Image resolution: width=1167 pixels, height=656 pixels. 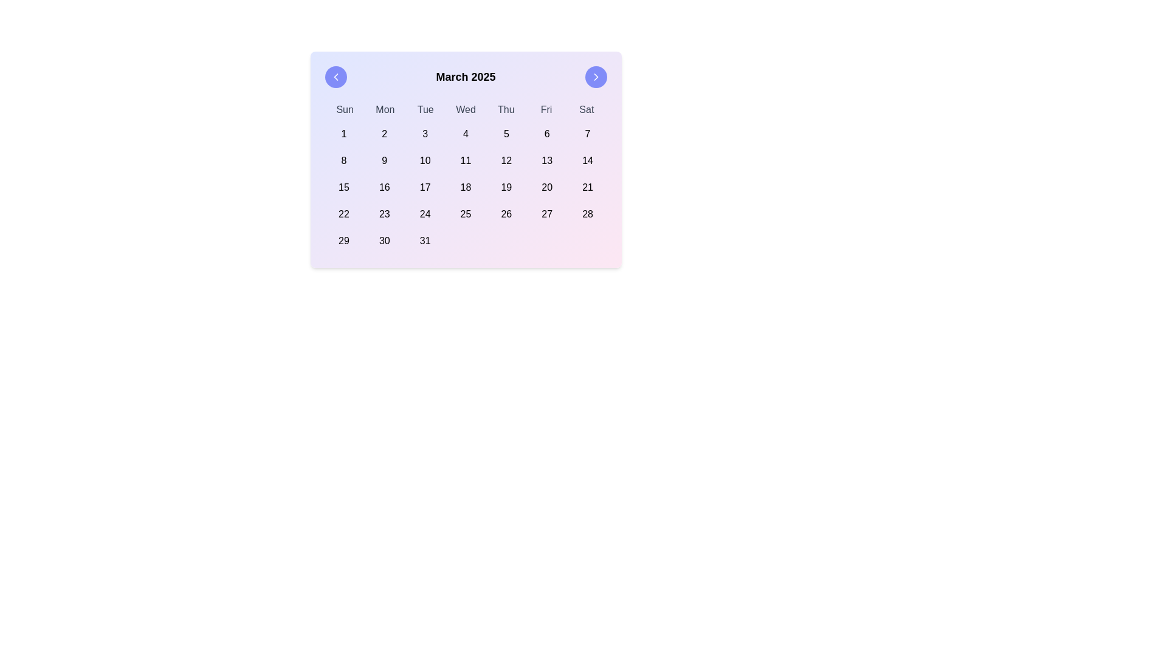 I want to click on the button with a purple background and the number '11' centered in bold black font for keyboard navigation, so click(x=465, y=160).